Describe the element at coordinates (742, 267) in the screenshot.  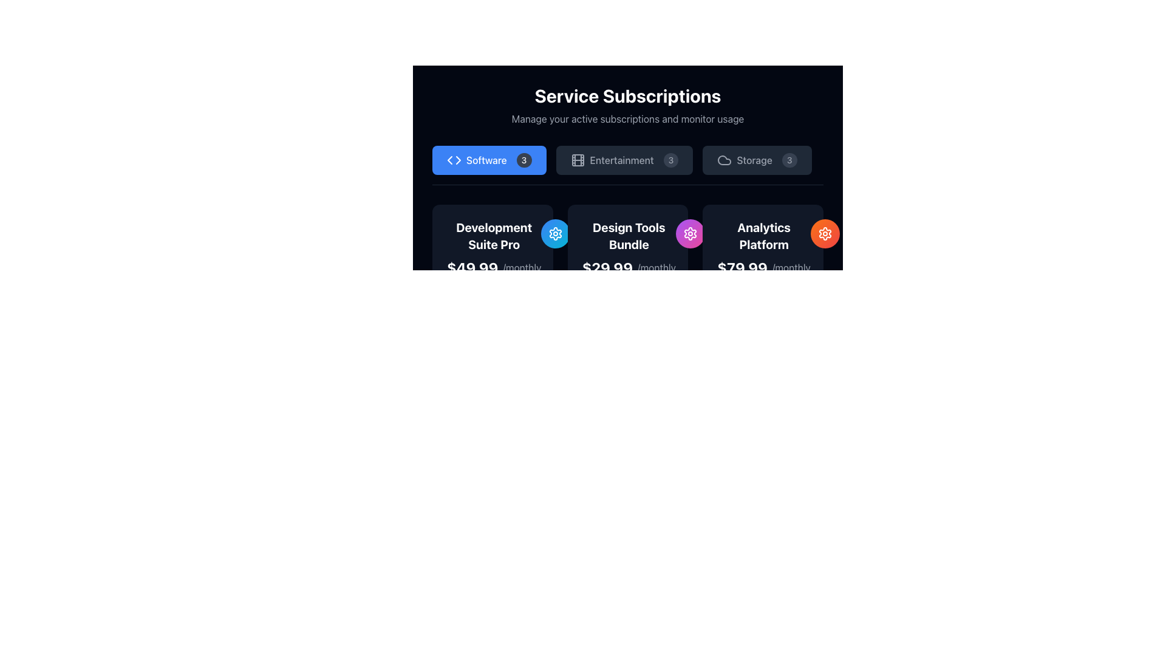
I see `the text label displaying the subscription cost for the 'Analytics Platform' service, which is centrally aligned within its pricing card and positioned to the left of the '/monthly' text` at that location.